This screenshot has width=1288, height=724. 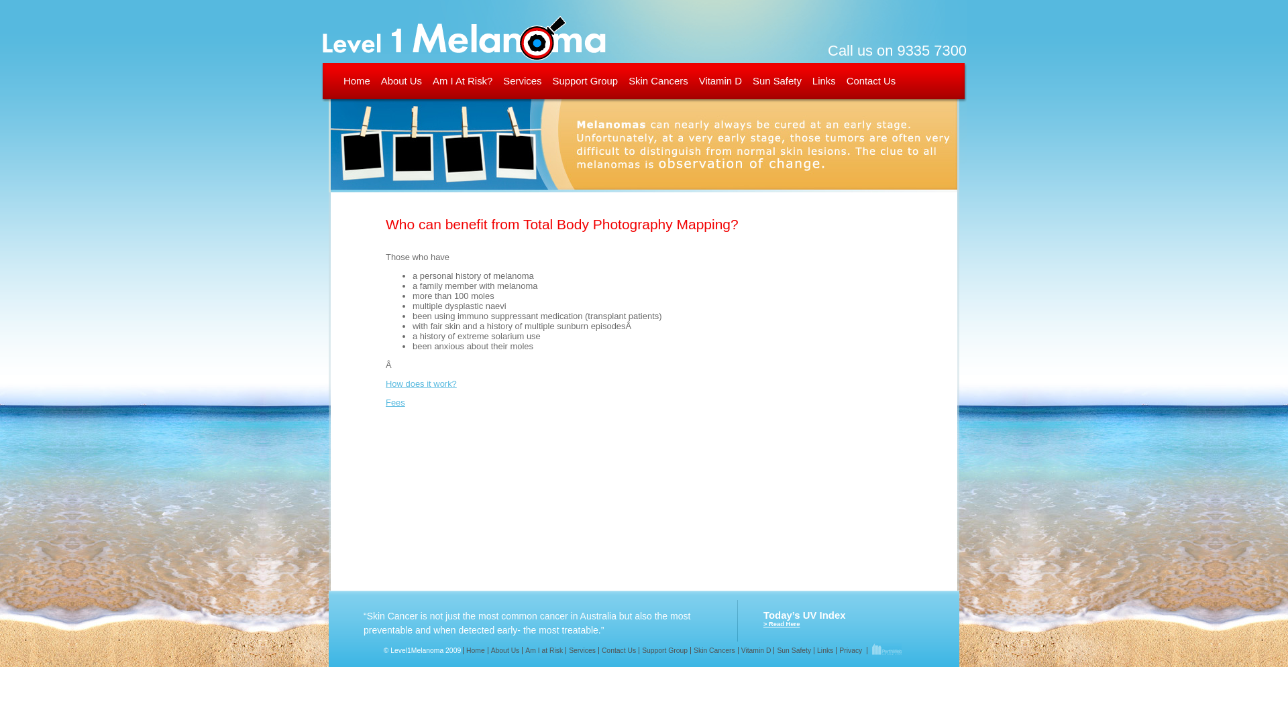 What do you see at coordinates (421, 383) in the screenshot?
I see `'How does it work?'` at bounding box center [421, 383].